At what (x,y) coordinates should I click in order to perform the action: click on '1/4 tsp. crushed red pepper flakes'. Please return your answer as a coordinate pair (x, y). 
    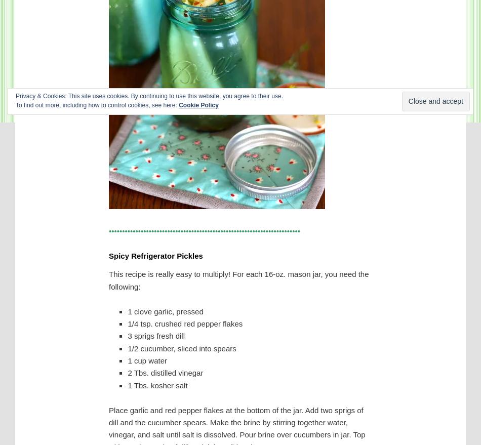
    Looking at the image, I should click on (184, 323).